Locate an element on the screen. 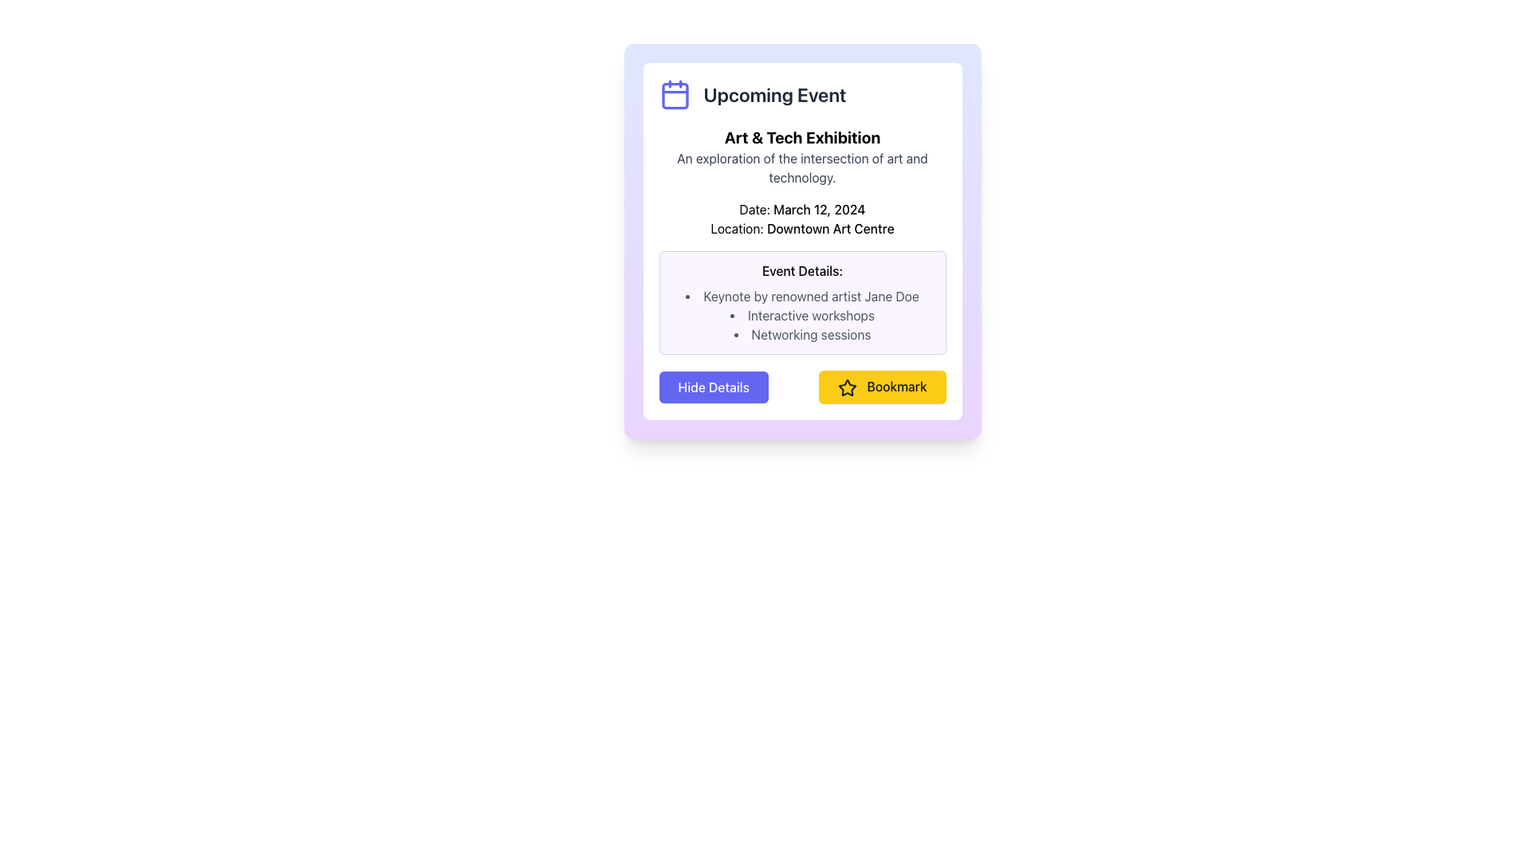 This screenshot has width=1531, height=861. the text display element that provides the event title and additional descriptive information, located within the 'Upcoming Event' group, situated below the event title and above event details is located at coordinates (802, 156).